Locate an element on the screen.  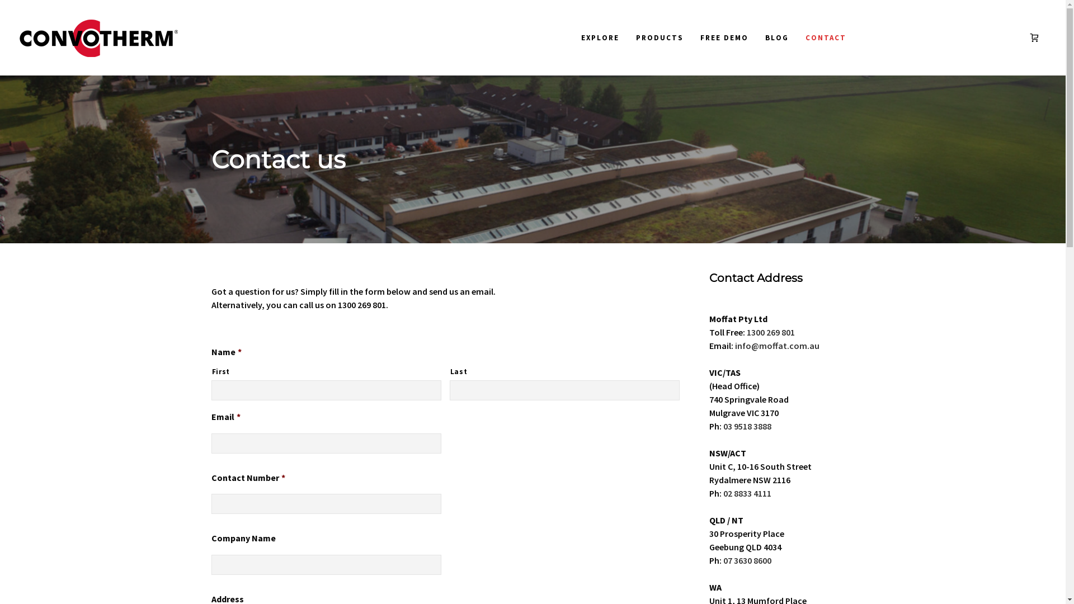
'FREE DEMO' is located at coordinates (724, 37).